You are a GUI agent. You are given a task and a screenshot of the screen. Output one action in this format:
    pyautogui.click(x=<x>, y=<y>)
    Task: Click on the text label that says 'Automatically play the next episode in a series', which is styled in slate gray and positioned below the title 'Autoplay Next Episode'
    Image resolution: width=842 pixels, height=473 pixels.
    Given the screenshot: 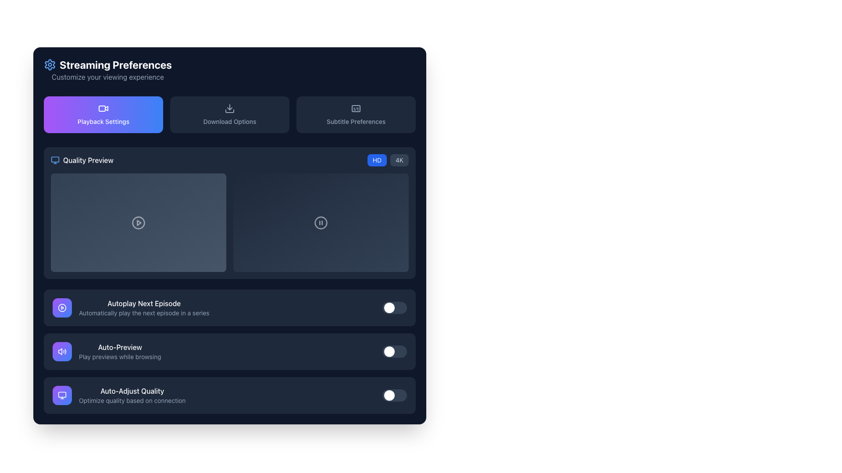 What is the action you would take?
    pyautogui.click(x=144, y=312)
    